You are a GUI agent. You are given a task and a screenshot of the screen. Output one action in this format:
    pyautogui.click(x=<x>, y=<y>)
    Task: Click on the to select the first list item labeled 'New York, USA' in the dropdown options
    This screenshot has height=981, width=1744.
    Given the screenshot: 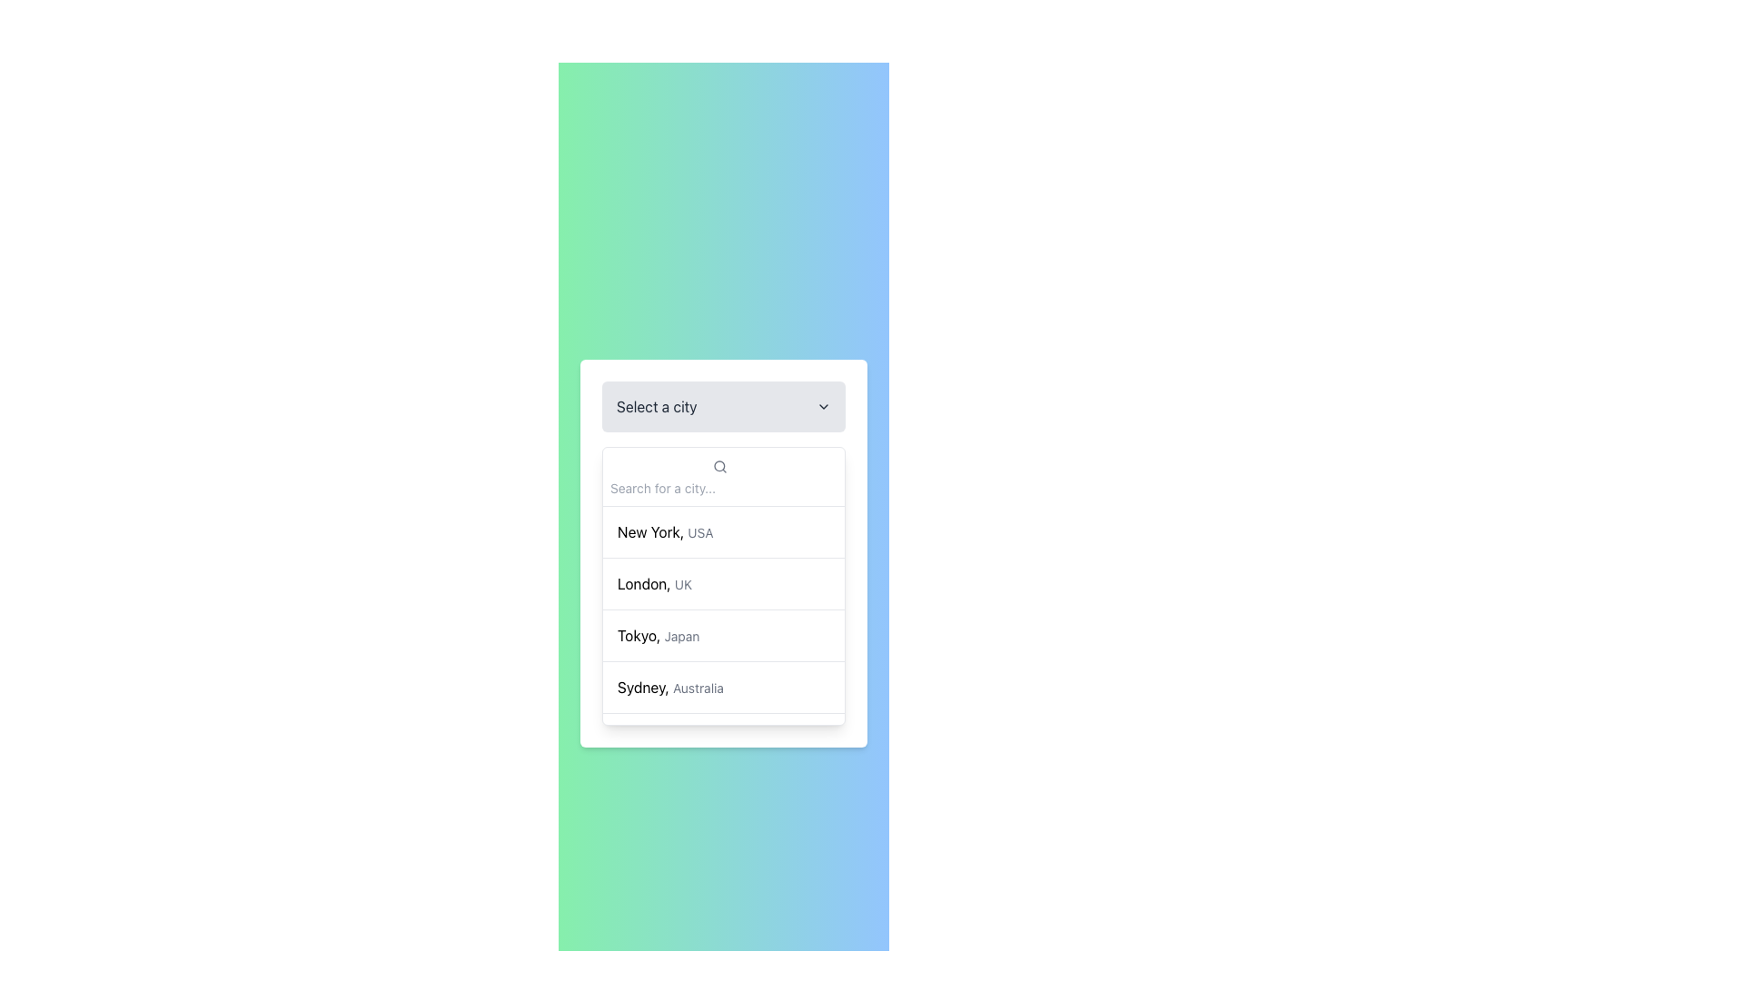 What is the action you would take?
    pyautogui.click(x=722, y=531)
    